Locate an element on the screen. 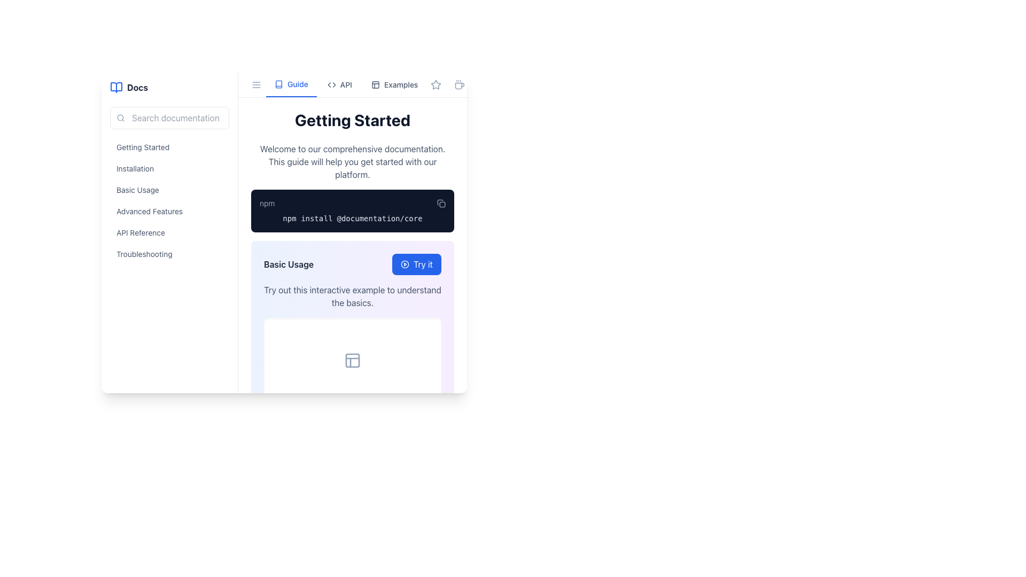 The height and width of the screenshot is (577, 1026). the coffee cup button located in the top-right section of the interface is located at coordinates (460, 84).